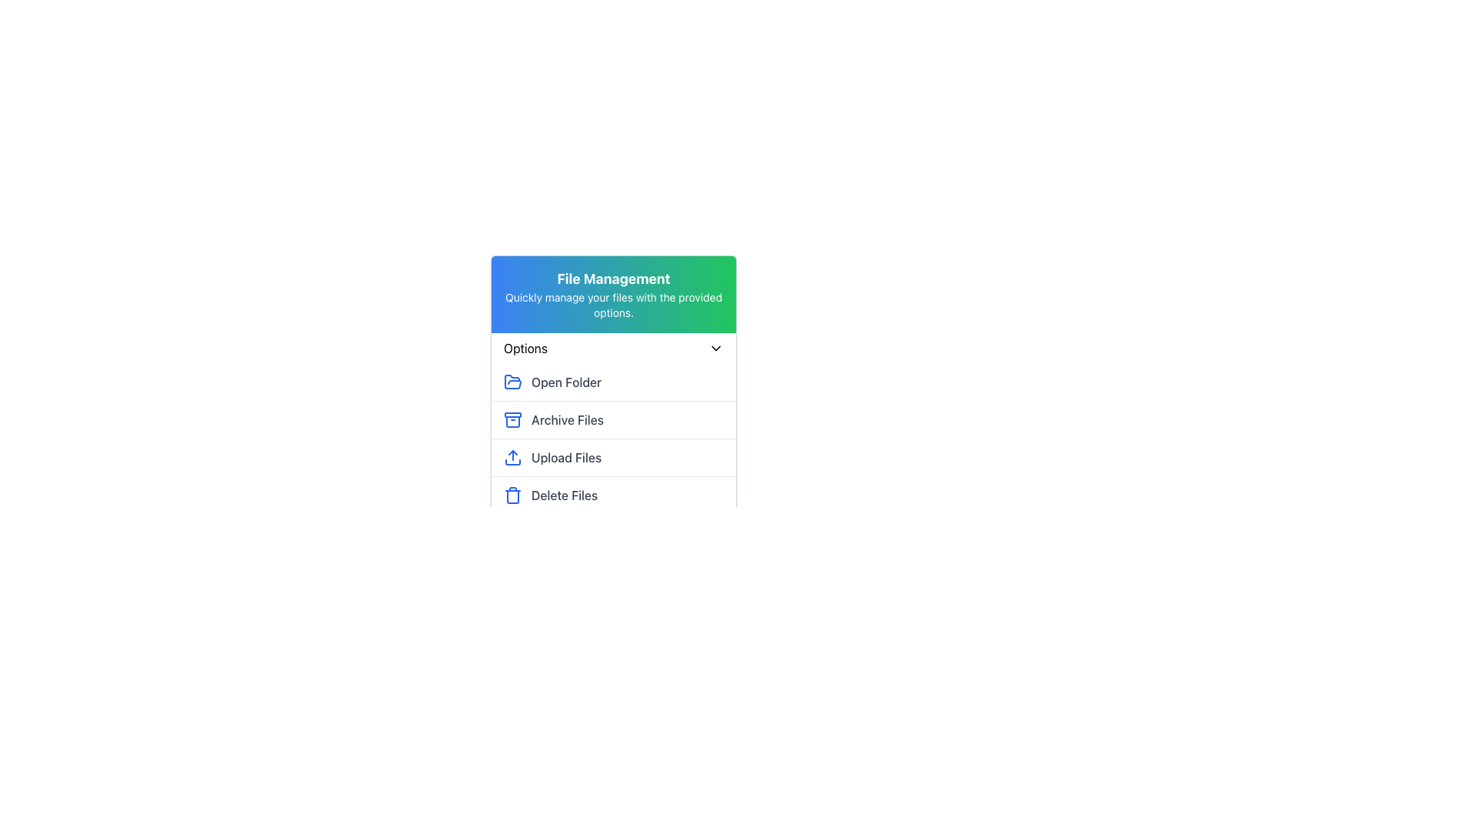 The image size is (1477, 831). What do you see at coordinates (612, 348) in the screenshot?
I see `the Dropdown button labeled 'Options'` at bounding box center [612, 348].